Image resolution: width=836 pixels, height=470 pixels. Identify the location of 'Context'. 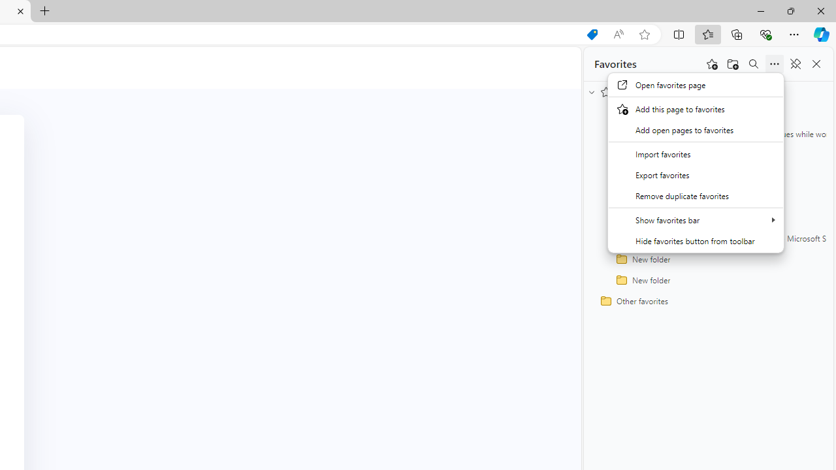
(695, 162).